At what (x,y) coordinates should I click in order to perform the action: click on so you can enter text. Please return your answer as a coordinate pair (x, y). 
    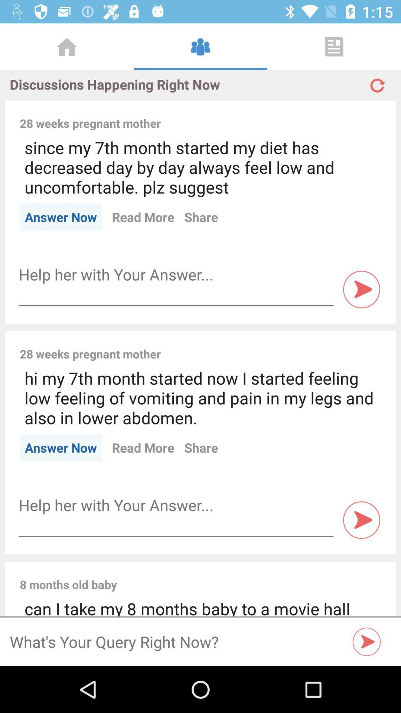
    Looking at the image, I should click on (176, 505).